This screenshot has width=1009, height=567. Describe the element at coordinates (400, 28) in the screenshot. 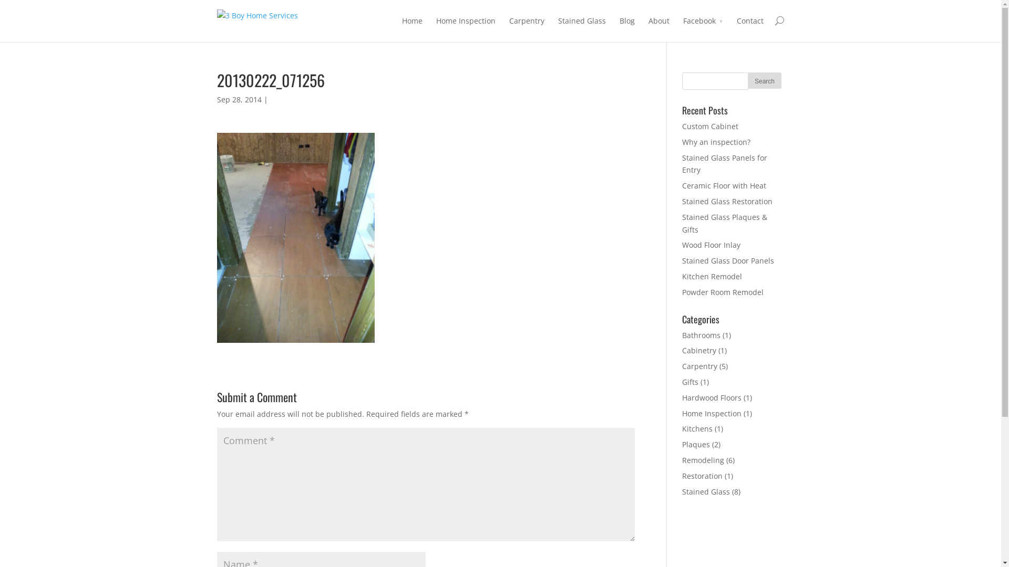

I see `'Home'` at that location.